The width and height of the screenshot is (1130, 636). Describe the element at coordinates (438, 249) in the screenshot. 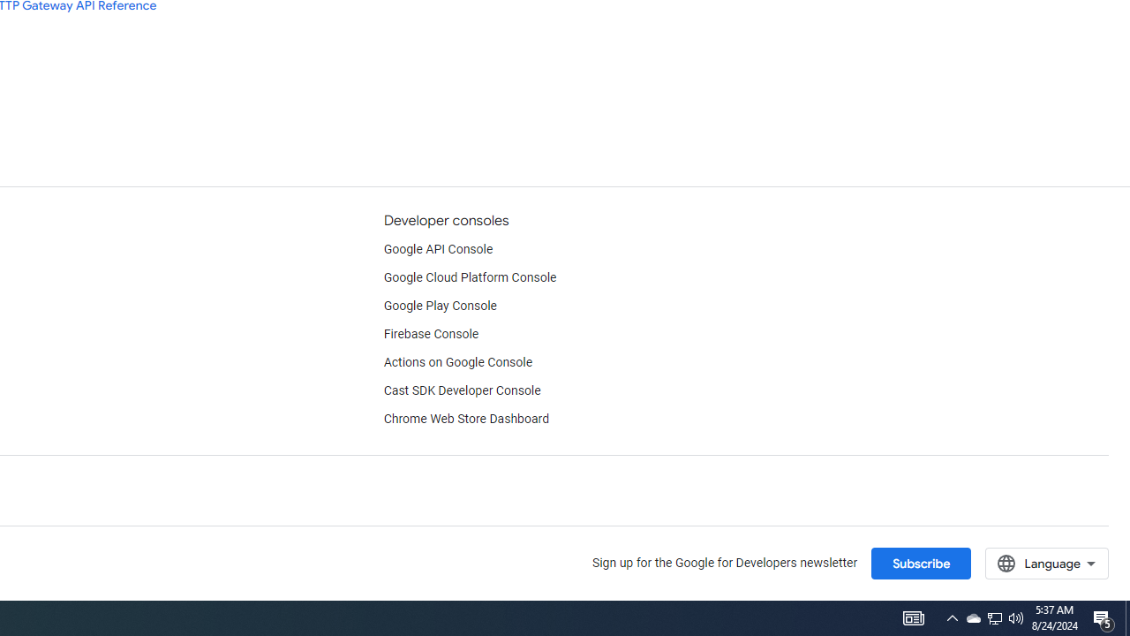

I see `'Google API Console'` at that location.